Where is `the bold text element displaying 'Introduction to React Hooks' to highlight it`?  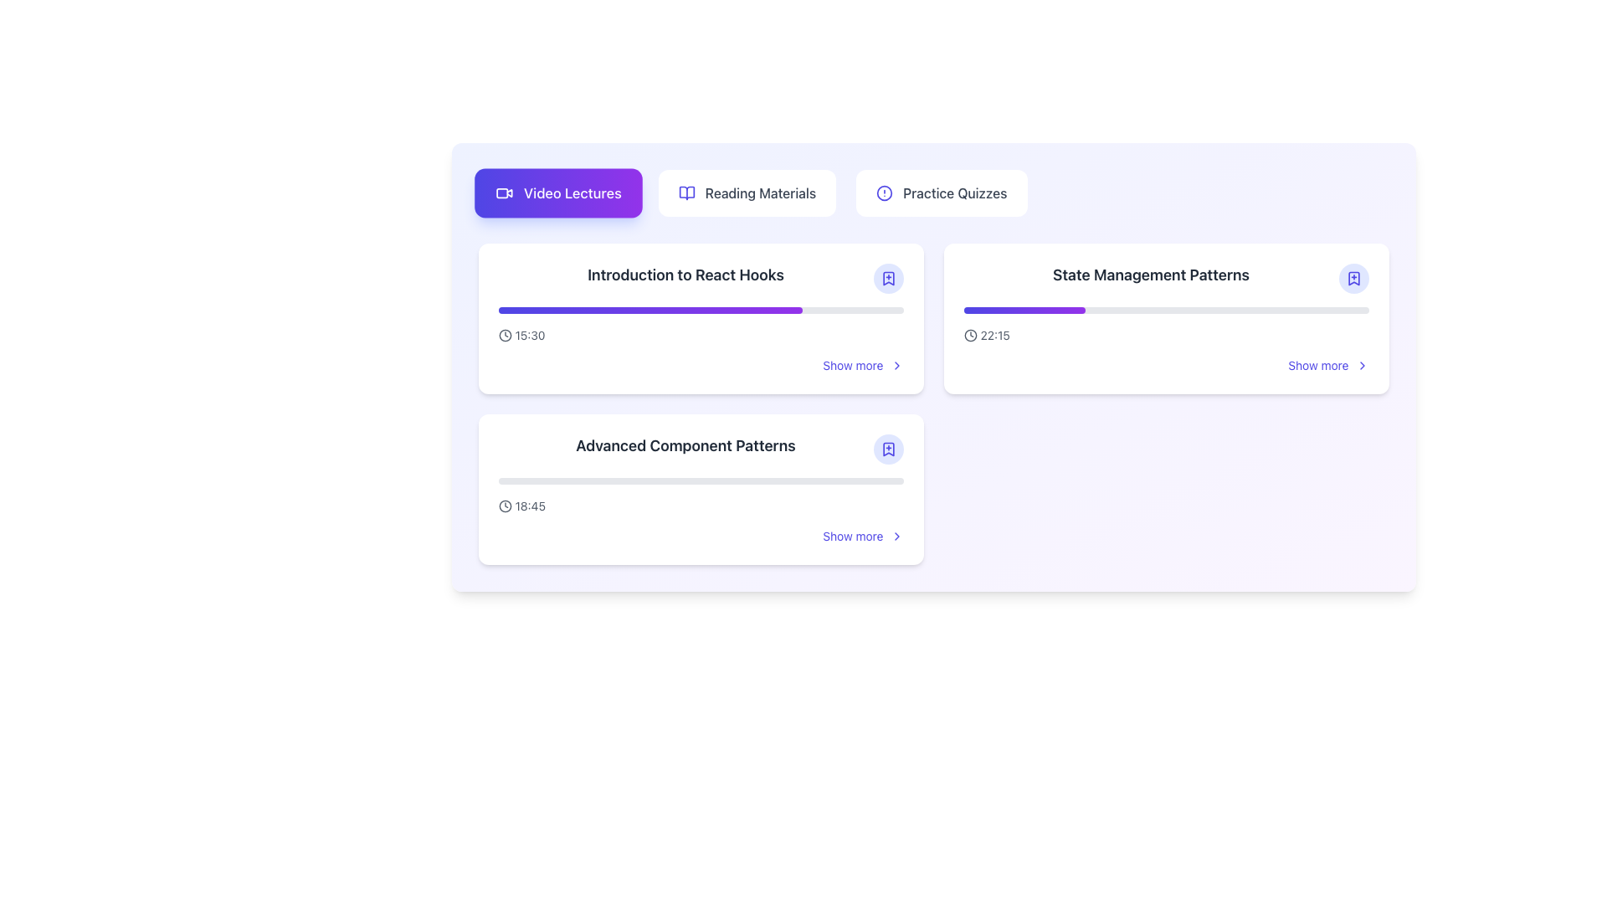
the bold text element displaying 'Introduction to React Hooks' to highlight it is located at coordinates (685, 274).